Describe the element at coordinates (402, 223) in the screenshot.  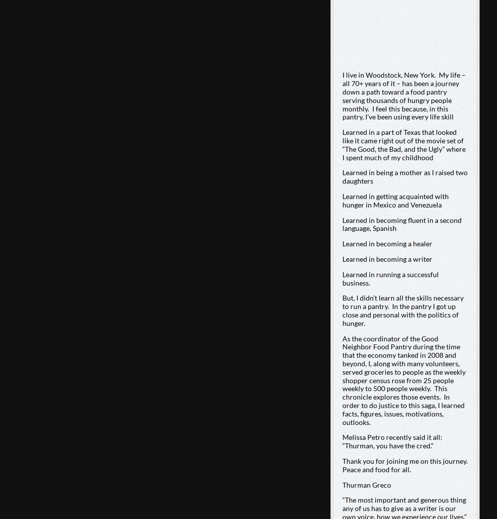
I see `'Learned in becoming fluent in a second language, Spanish'` at that location.